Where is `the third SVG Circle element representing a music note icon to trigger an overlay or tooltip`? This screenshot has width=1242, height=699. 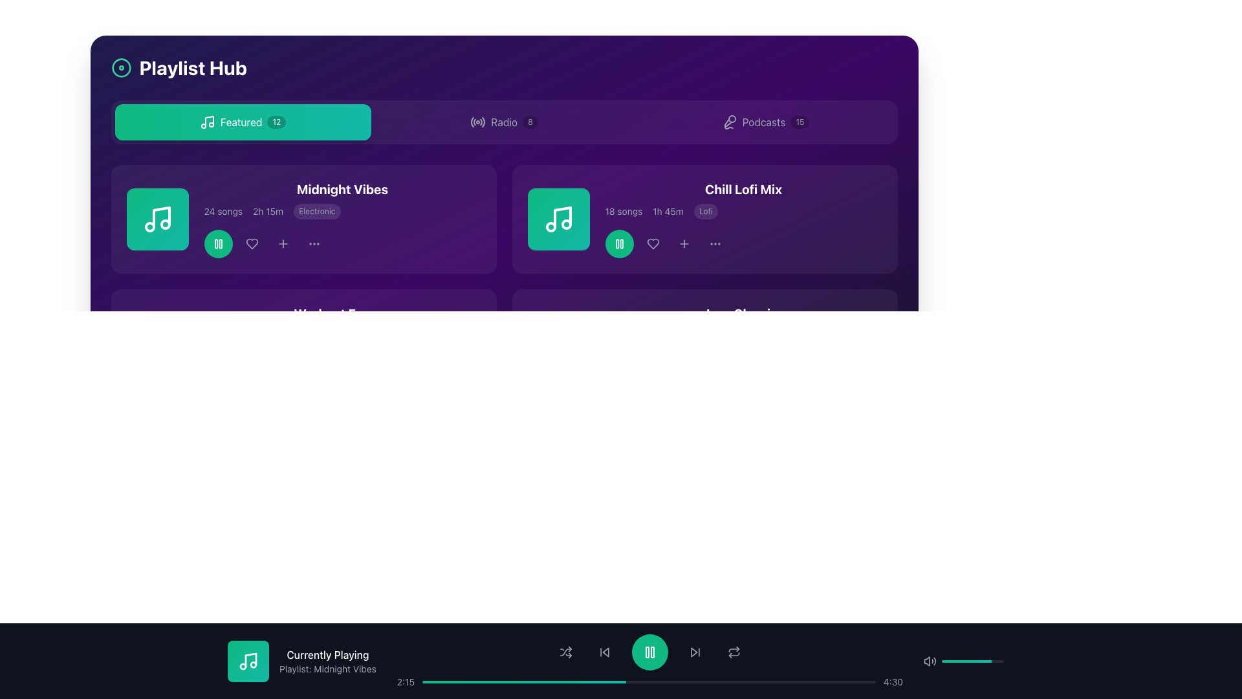
the third SVG Circle element representing a music note icon to trigger an overlay or tooltip is located at coordinates (164, 224).